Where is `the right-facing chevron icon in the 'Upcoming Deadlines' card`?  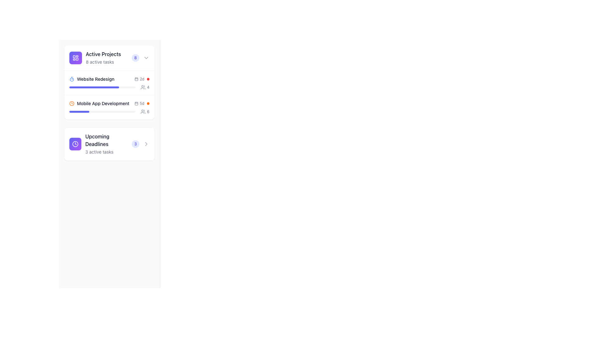
the right-facing chevron icon in the 'Upcoming Deadlines' card is located at coordinates (146, 144).